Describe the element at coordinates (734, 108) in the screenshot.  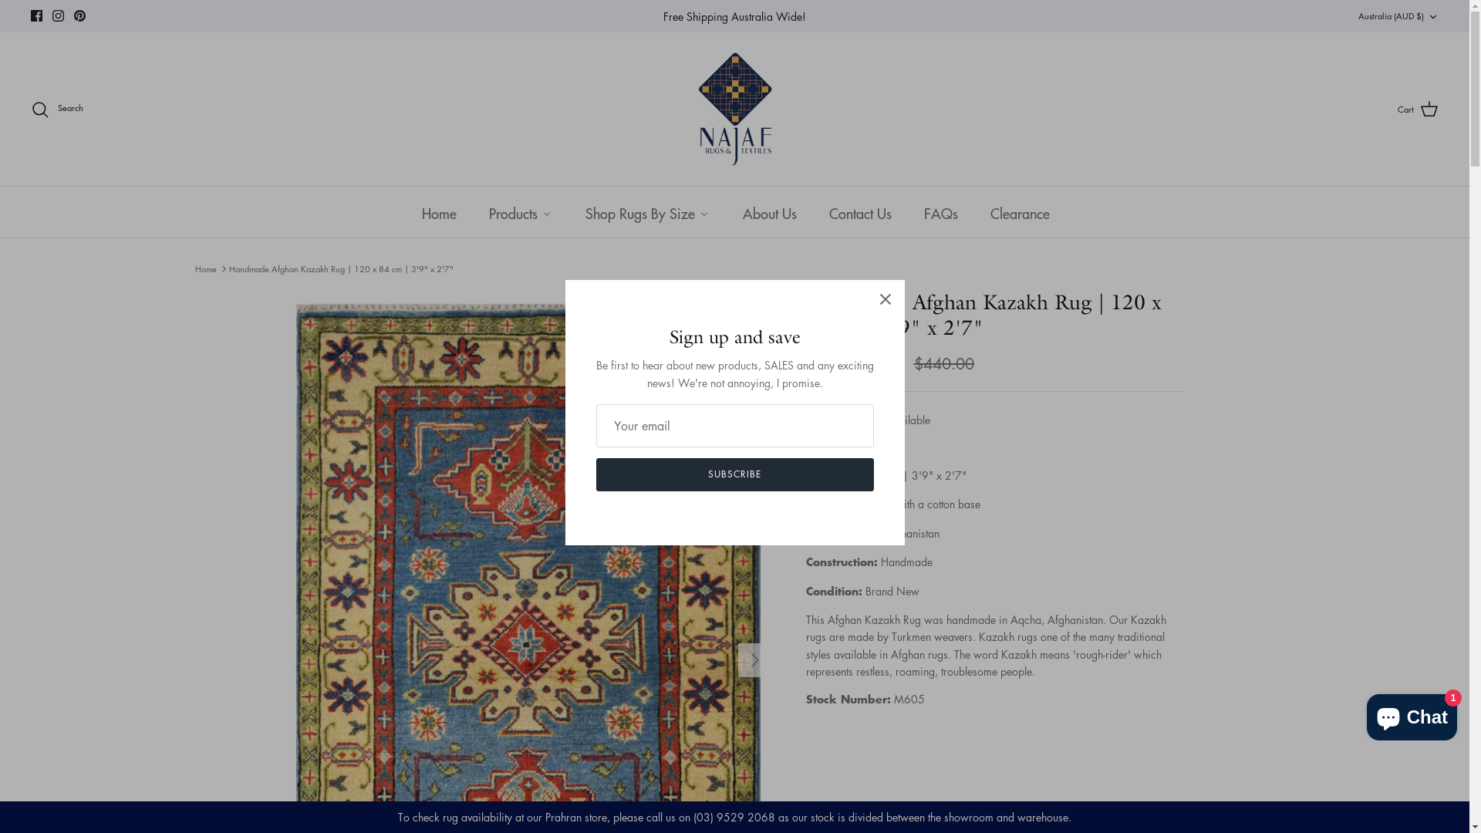
I see `'Najaf Rugs & Textile'` at that location.